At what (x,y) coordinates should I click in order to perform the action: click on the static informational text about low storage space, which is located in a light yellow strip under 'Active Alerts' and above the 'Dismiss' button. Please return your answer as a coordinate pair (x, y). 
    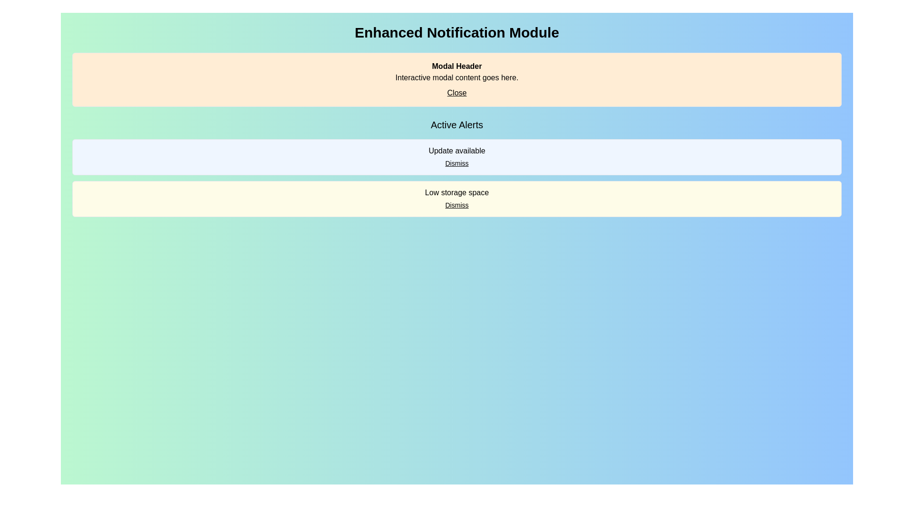
    Looking at the image, I should click on (456, 192).